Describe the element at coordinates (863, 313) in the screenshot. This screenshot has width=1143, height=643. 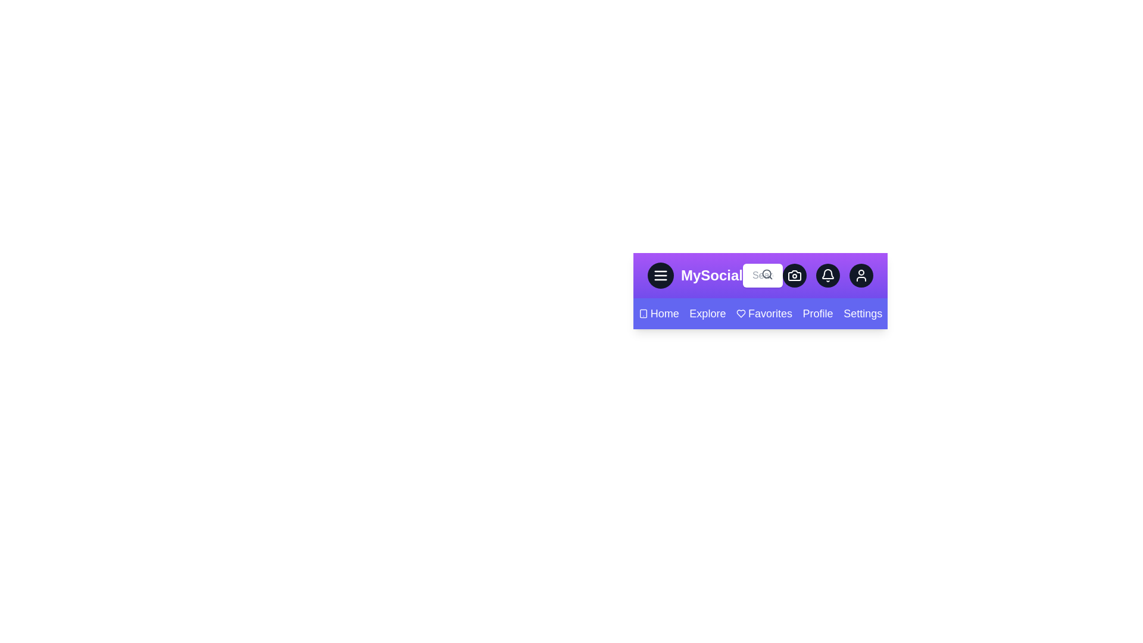
I see `the Settings navigation link to navigate to its respective section` at that location.